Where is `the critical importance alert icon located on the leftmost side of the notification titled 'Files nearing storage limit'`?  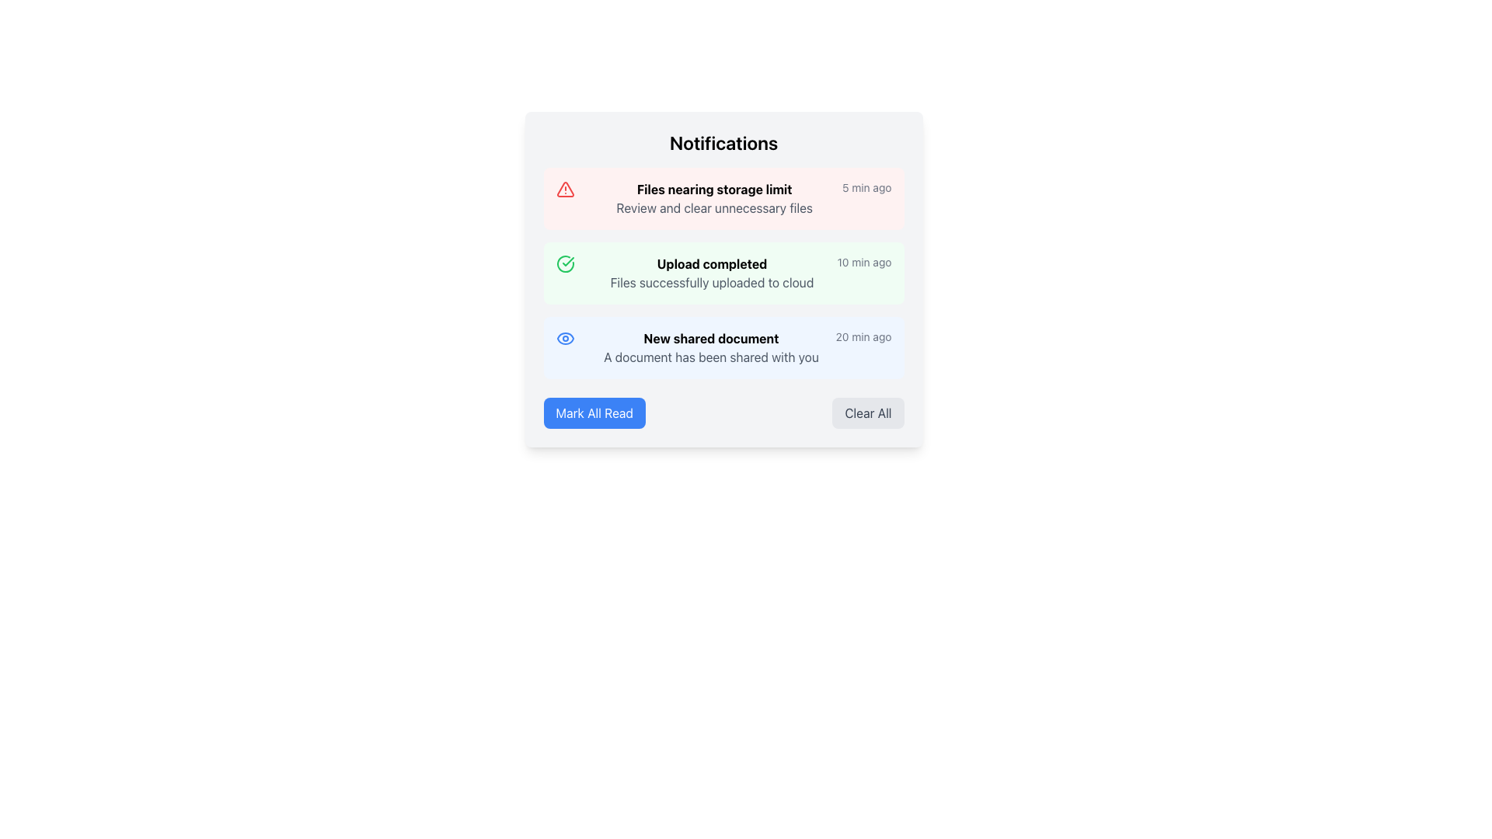
the critical importance alert icon located on the leftmost side of the notification titled 'Files nearing storage limit' is located at coordinates (564, 188).